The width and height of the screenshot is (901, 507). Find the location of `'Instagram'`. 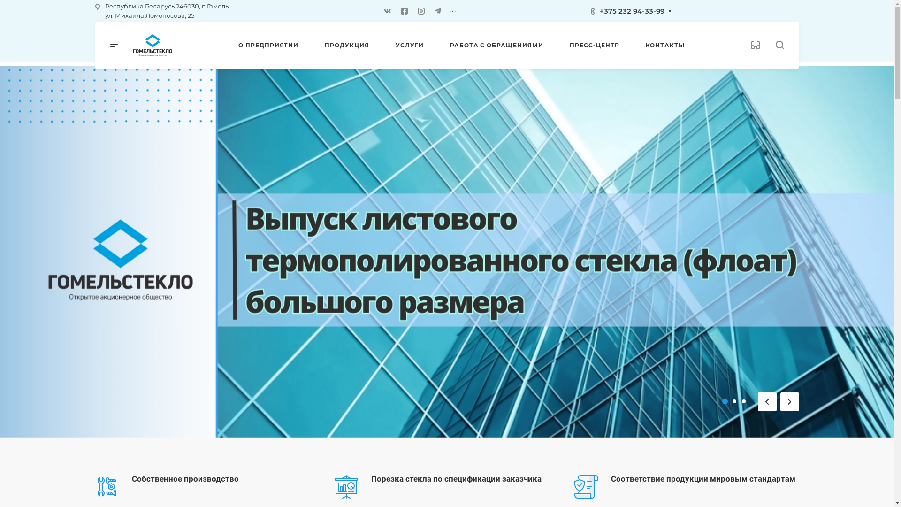

'Instagram' is located at coordinates (420, 11).